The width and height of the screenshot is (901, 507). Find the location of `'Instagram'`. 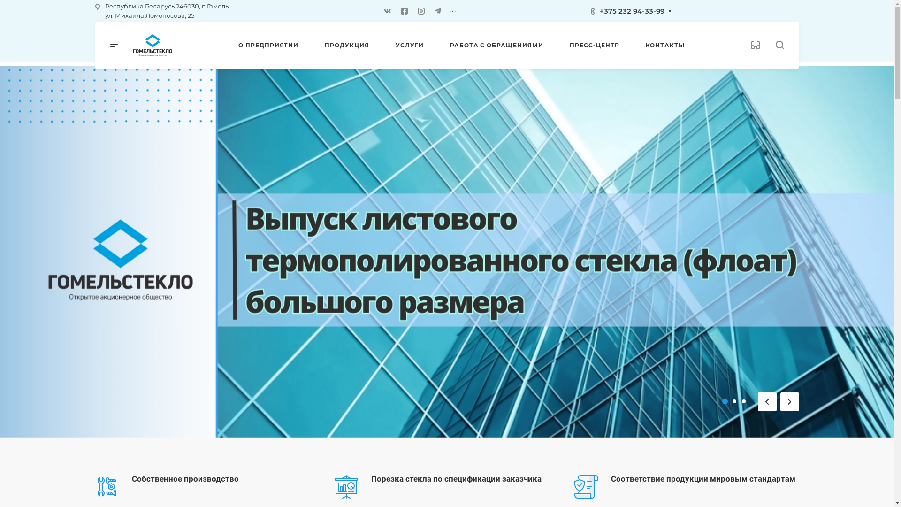

'Instagram' is located at coordinates (420, 11).